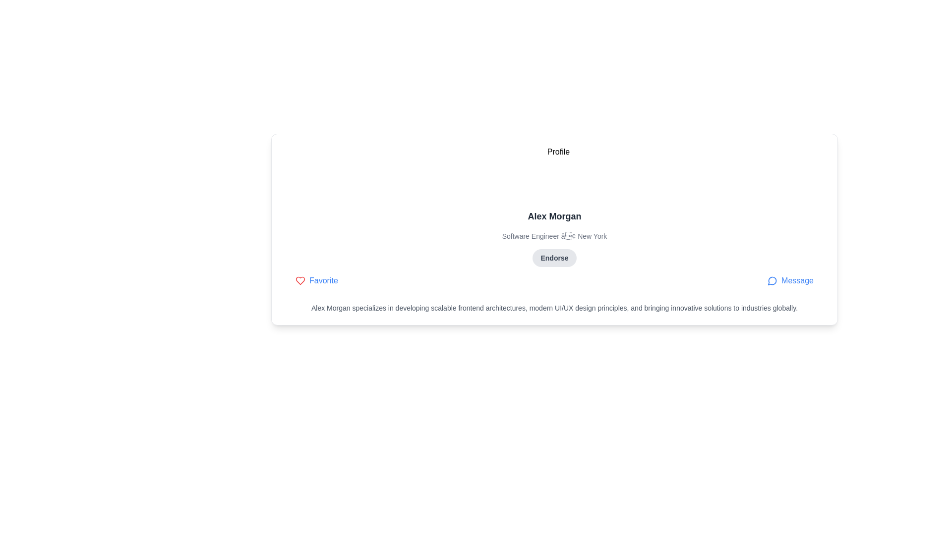  I want to click on the messaging icon located to the right of the 'Message' text within the user's profile card, so click(772, 281).